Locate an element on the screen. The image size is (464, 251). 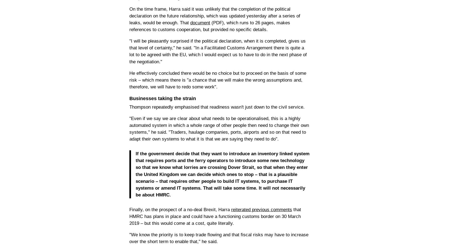
'document' is located at coordinates (200, 22).